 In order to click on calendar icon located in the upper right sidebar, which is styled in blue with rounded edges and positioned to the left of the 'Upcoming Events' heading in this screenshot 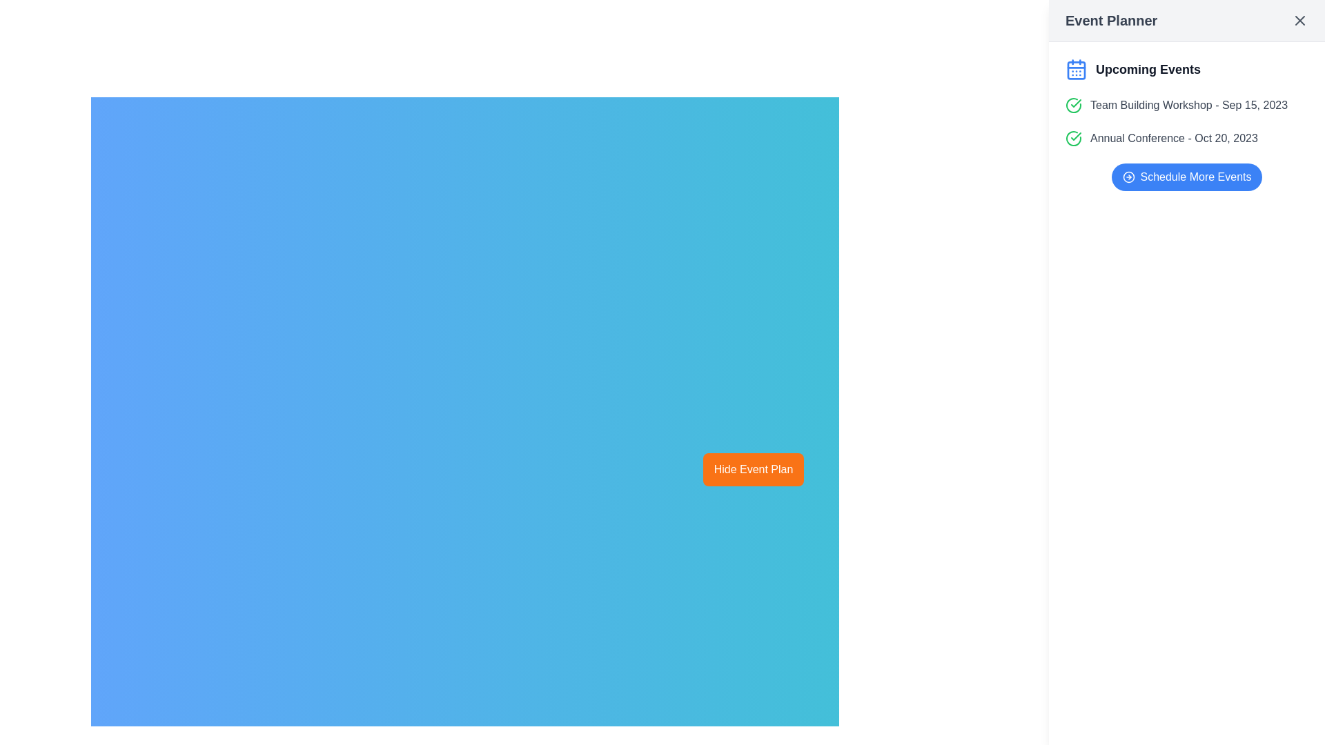, I will do `click(1076, 69)`.